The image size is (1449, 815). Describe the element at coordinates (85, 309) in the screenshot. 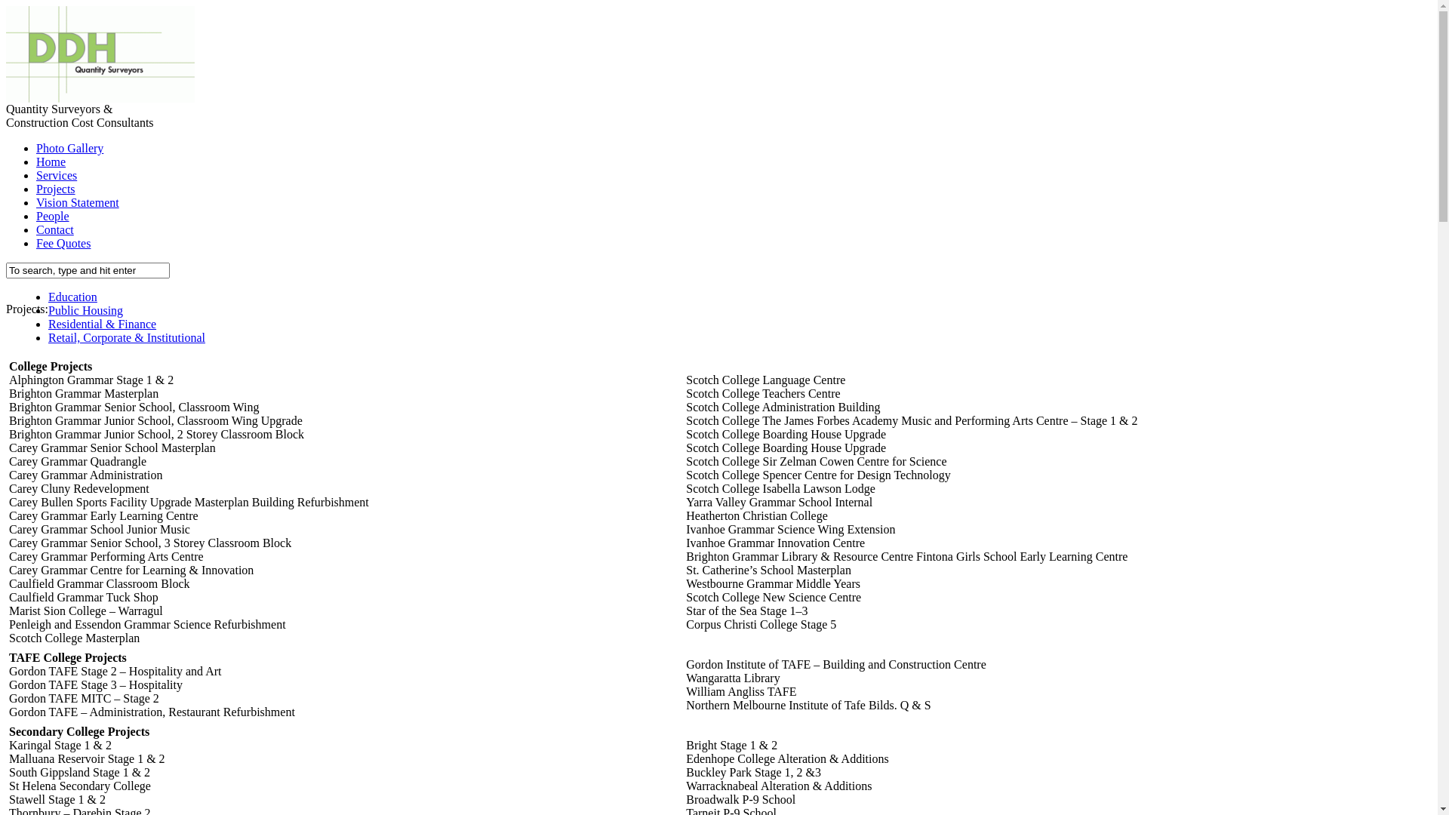

I see `'Public Housing'` at that location.